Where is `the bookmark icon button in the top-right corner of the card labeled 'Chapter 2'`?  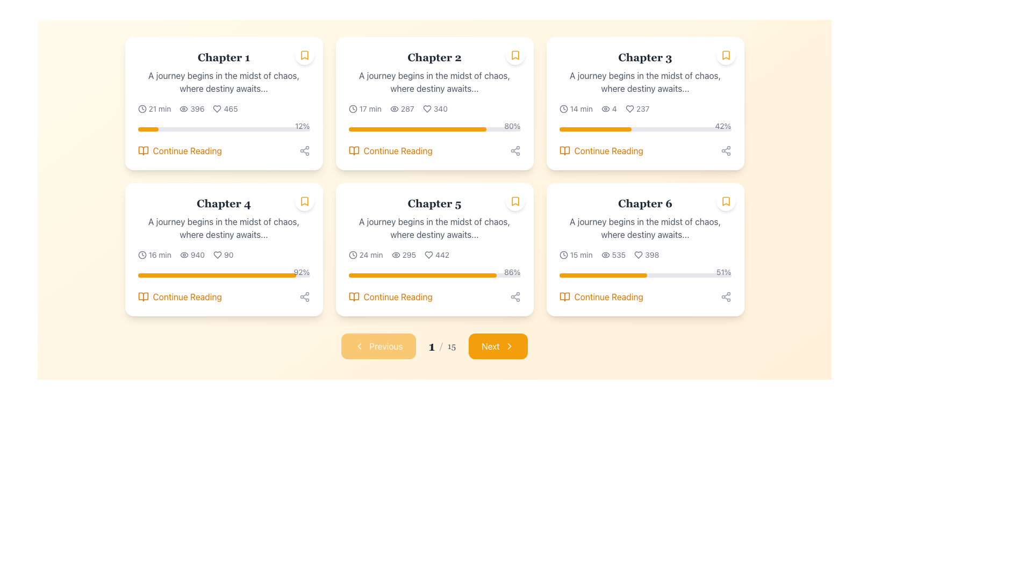 the bookmark icon button in the top-right corner of the card labeled 'Chapter 2' is located at coordinates (514, 55).